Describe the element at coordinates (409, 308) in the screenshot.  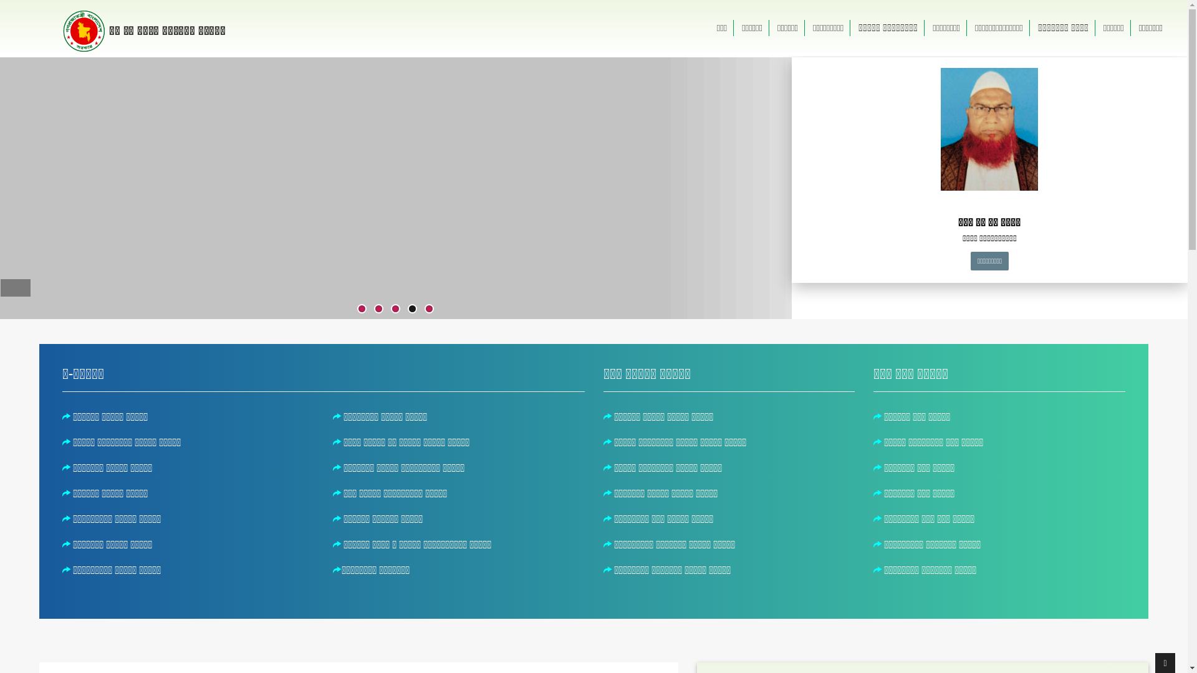
I see `'4'` at that location.